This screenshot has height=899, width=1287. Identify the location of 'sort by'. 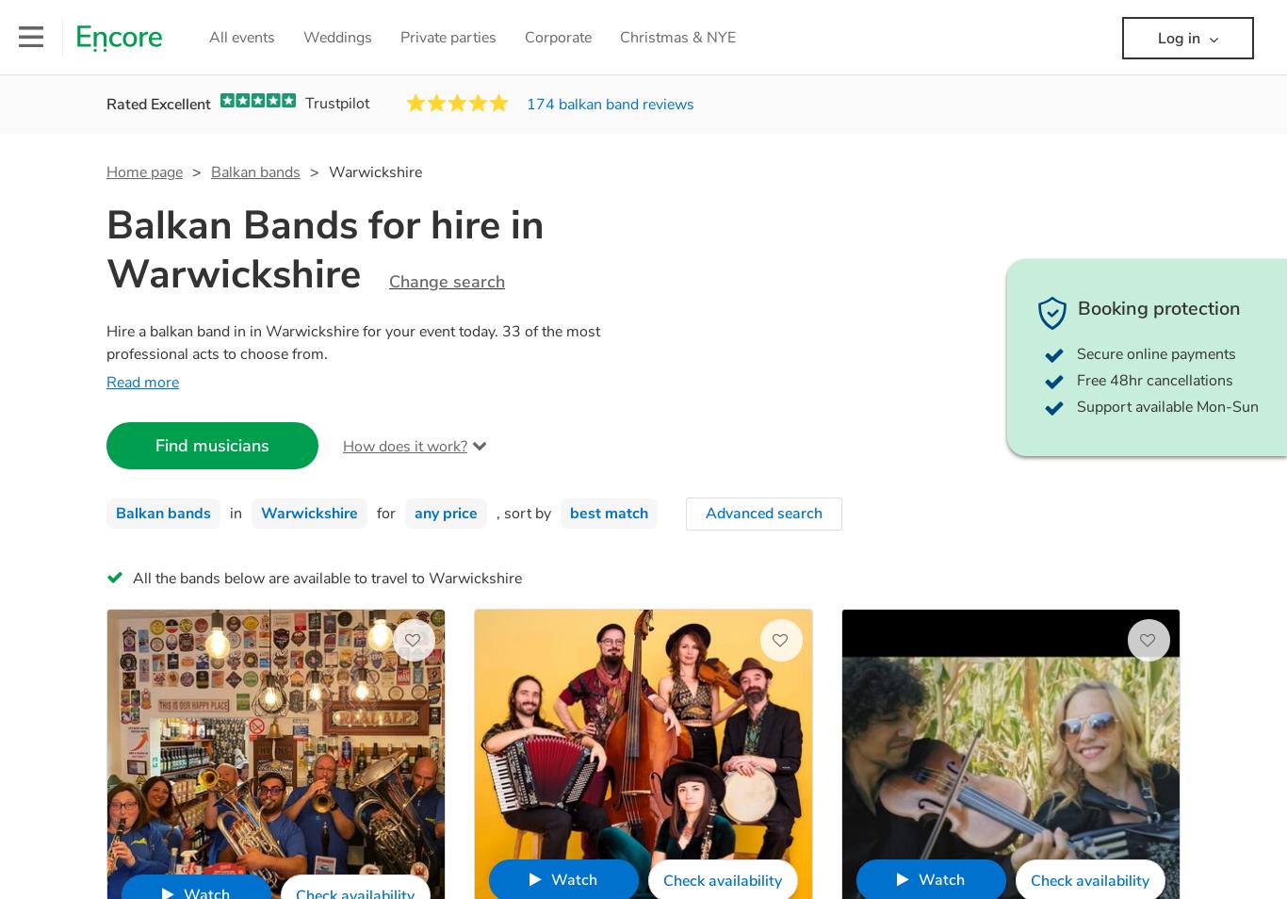
(528, 511).